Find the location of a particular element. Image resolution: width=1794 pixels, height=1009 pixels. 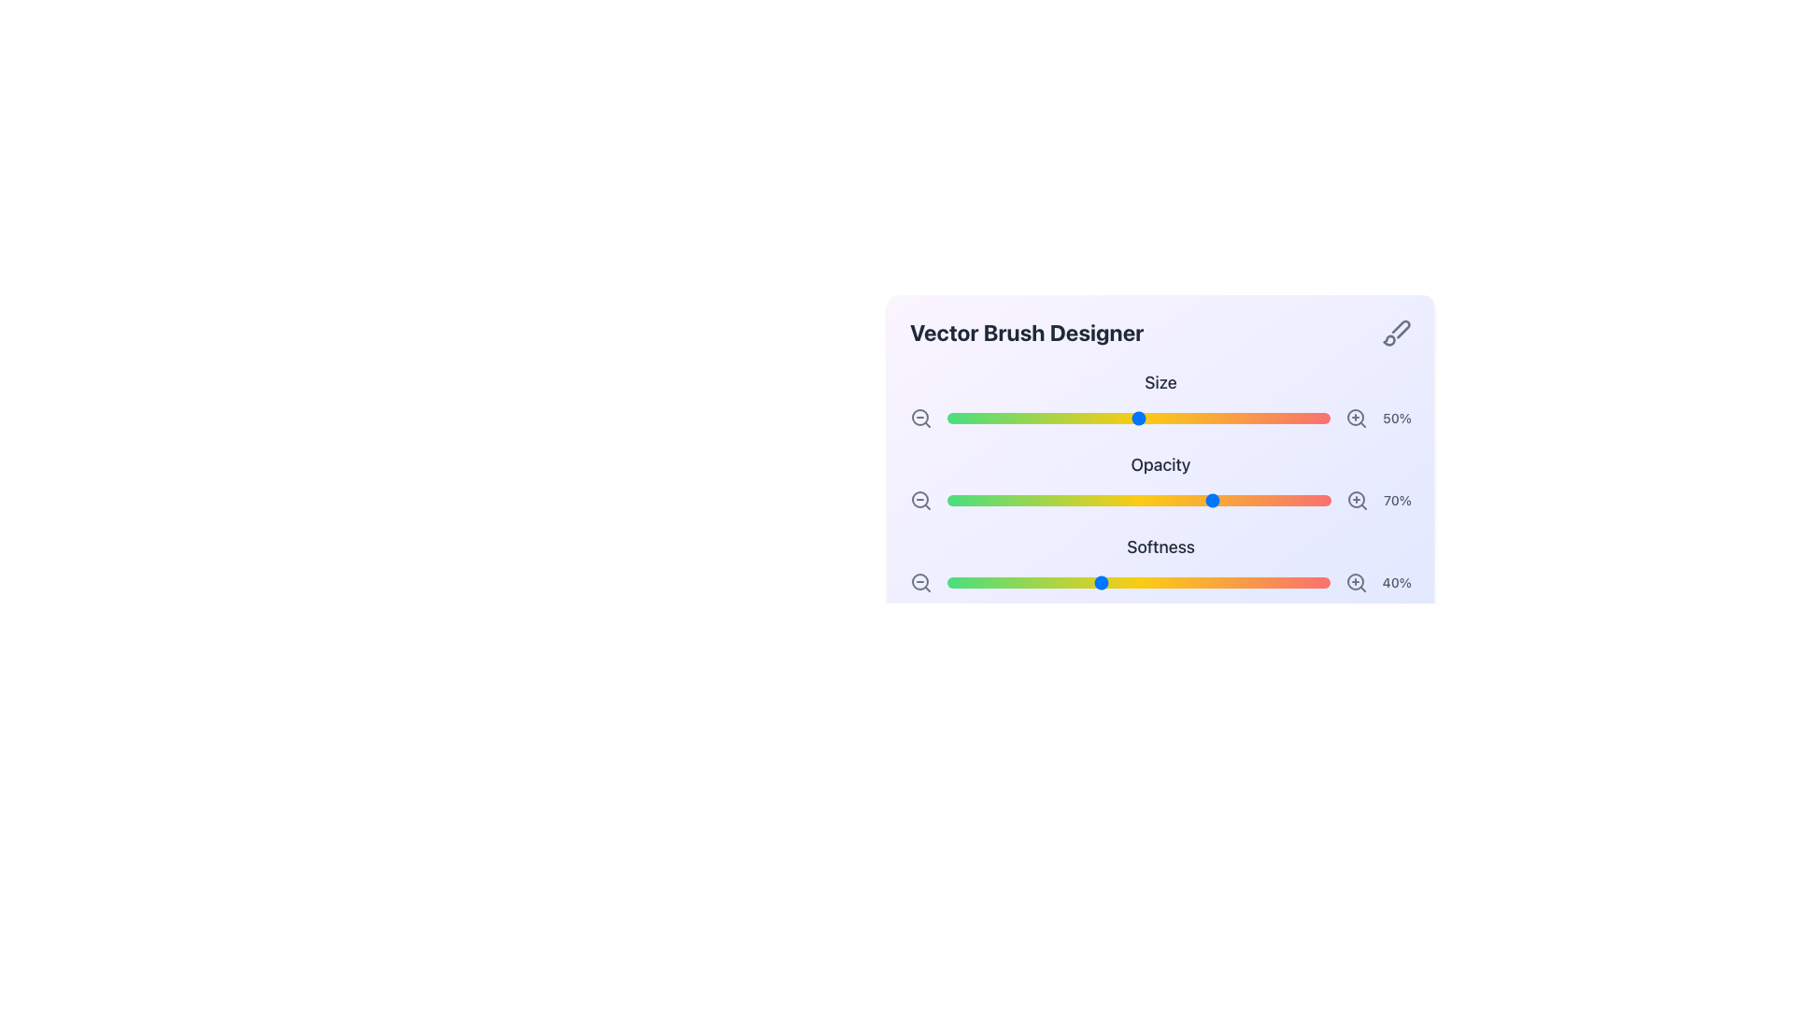

opacity is located at coordinates (1250, 500).